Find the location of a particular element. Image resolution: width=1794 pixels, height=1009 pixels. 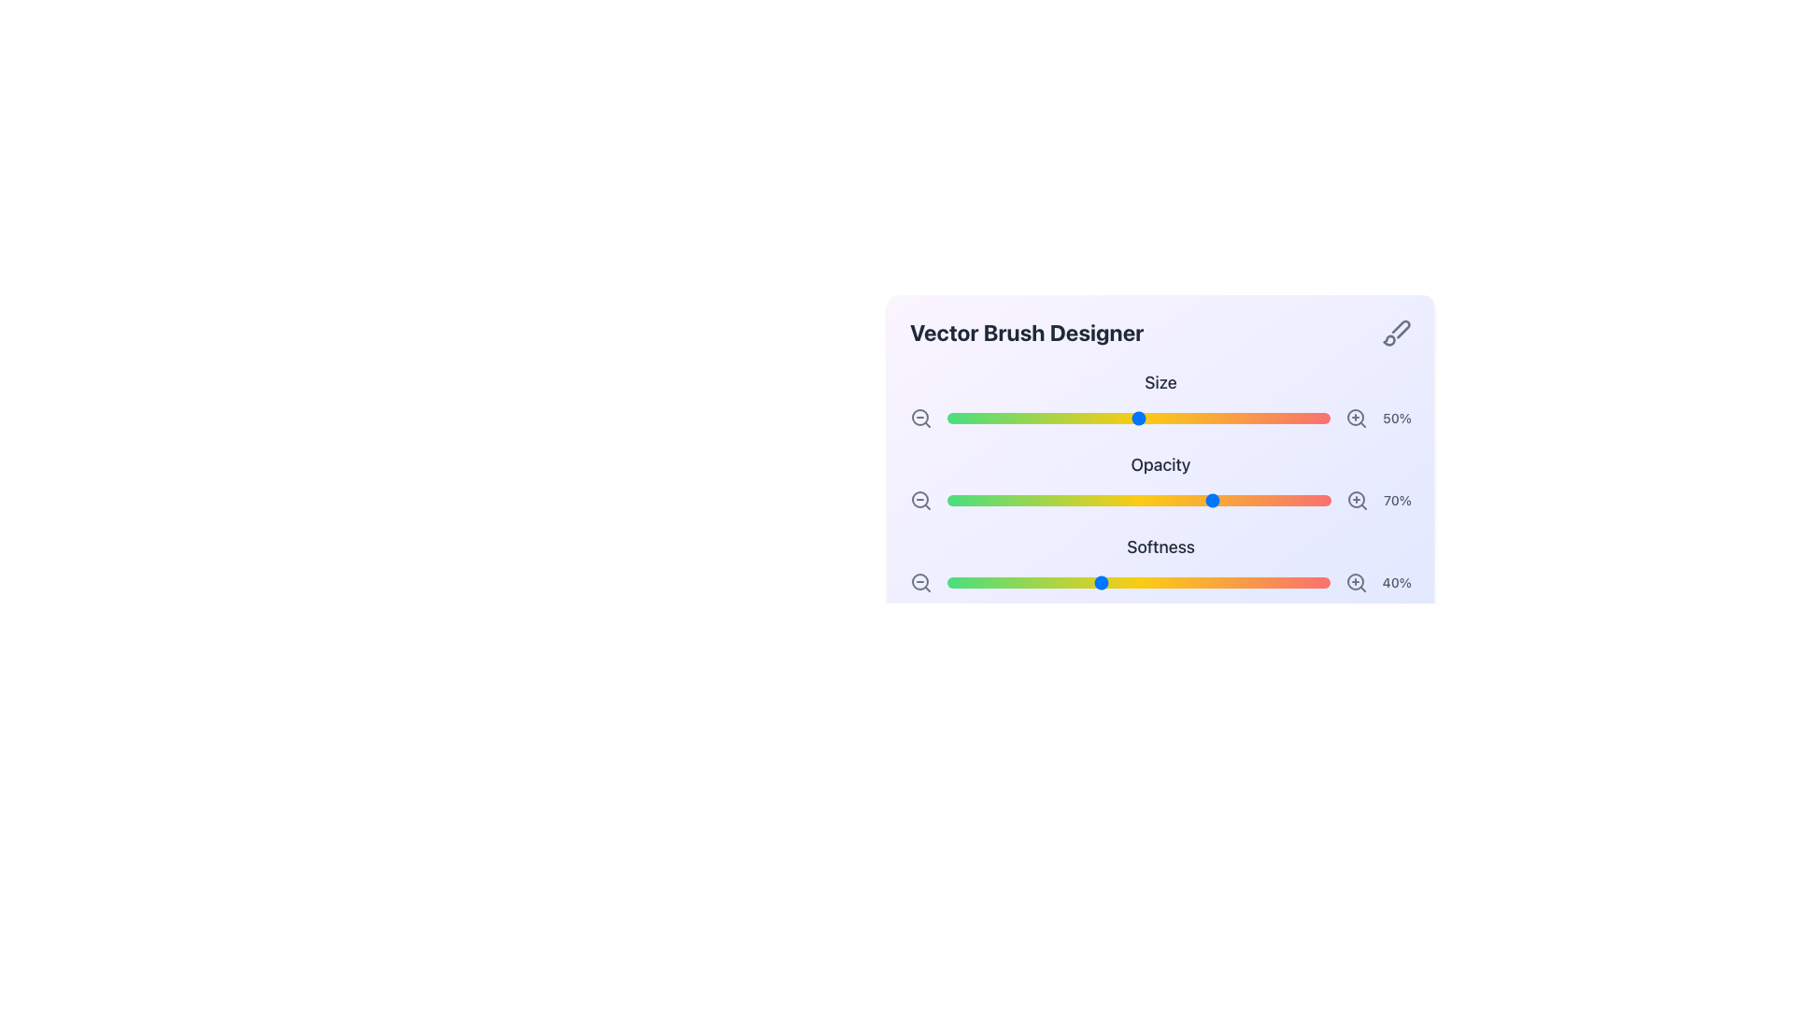

opacity is located at coordinates (1250, 500).